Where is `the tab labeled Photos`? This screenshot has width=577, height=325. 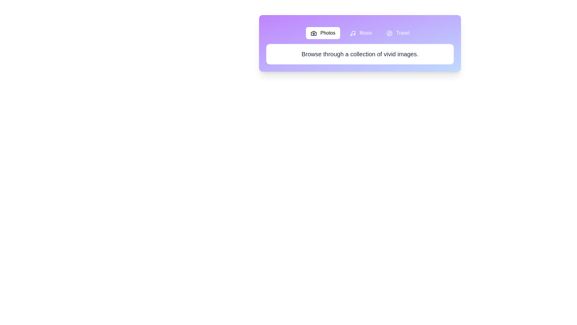
the tab labeled Photos is located at coordinates (322, 33).